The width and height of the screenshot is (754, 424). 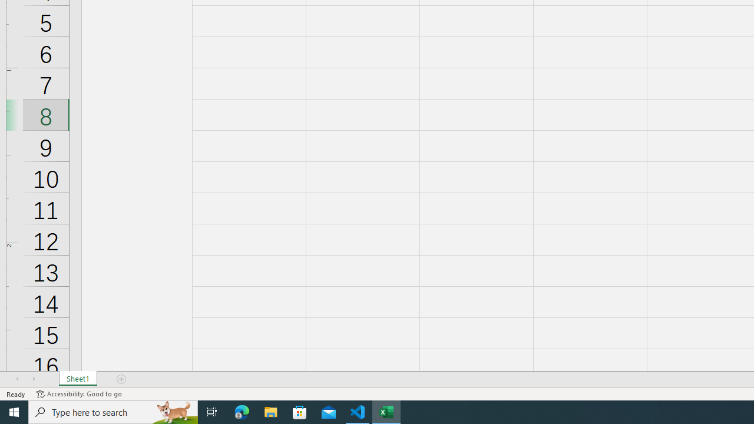 I want to click on 'Add Sheet', so click(x=122, y=379).